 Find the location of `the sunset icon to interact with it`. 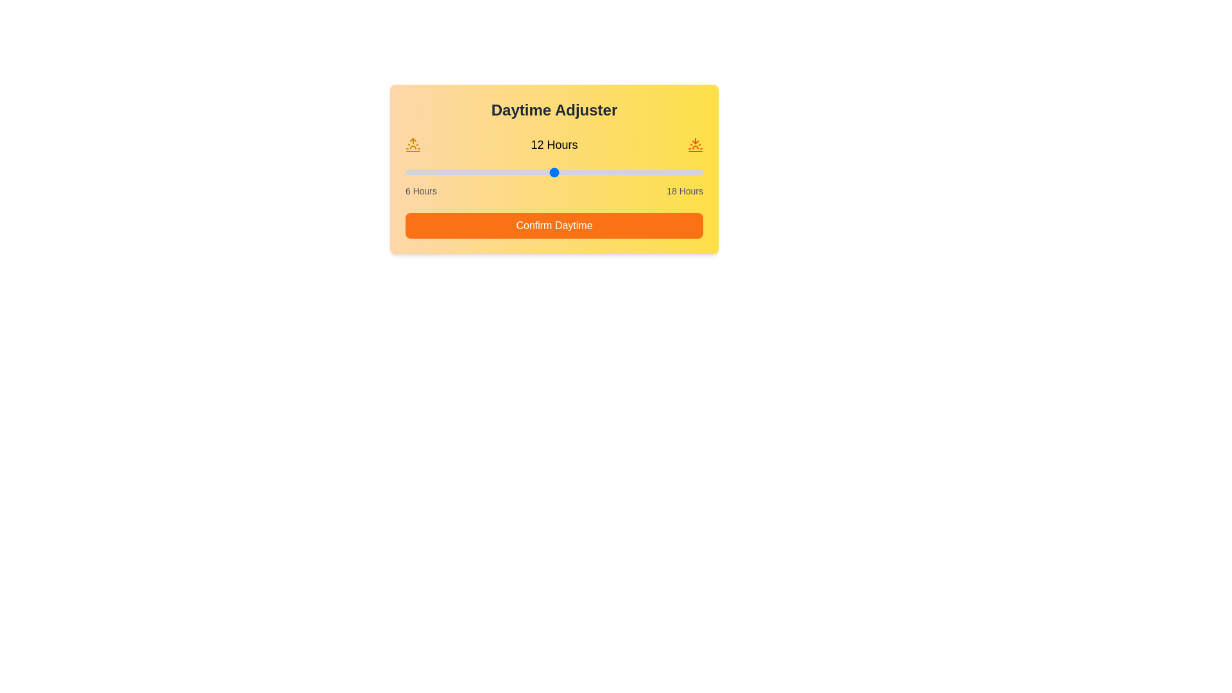

the sunset icon to interact with it is located at coordinates (694, 144).